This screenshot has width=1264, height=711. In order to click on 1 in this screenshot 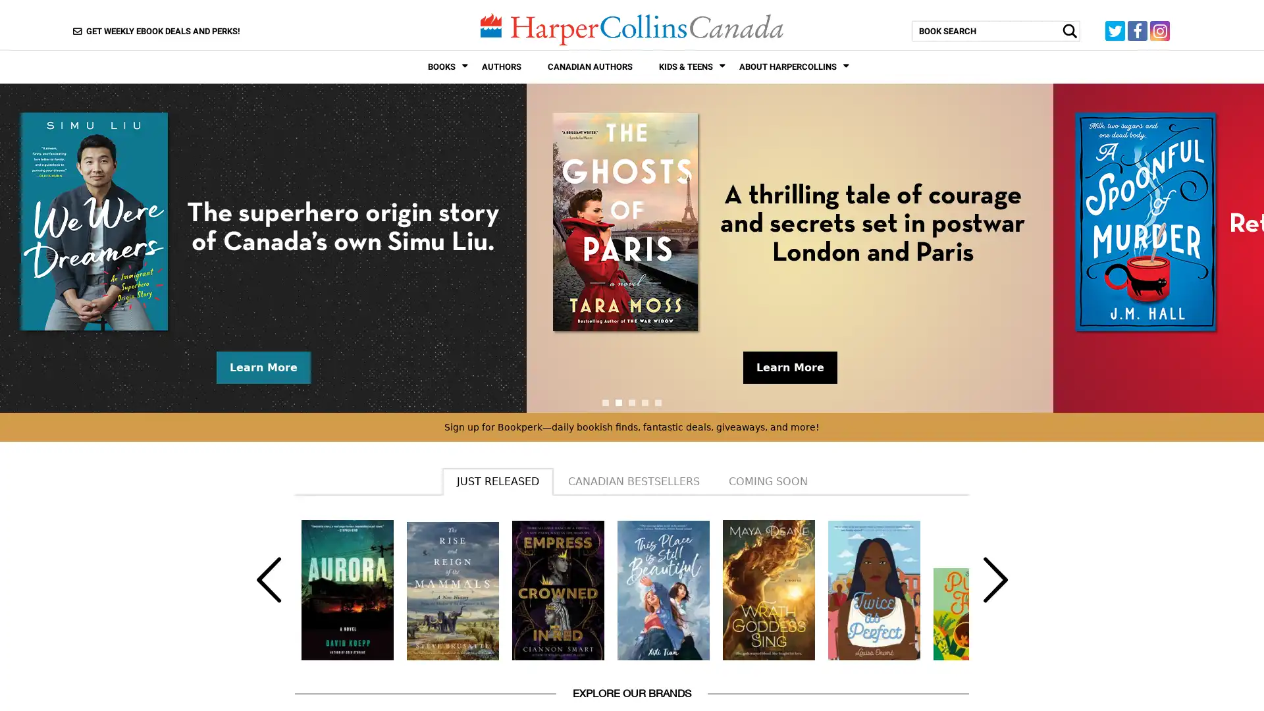, I will do `click(605, 401)`.